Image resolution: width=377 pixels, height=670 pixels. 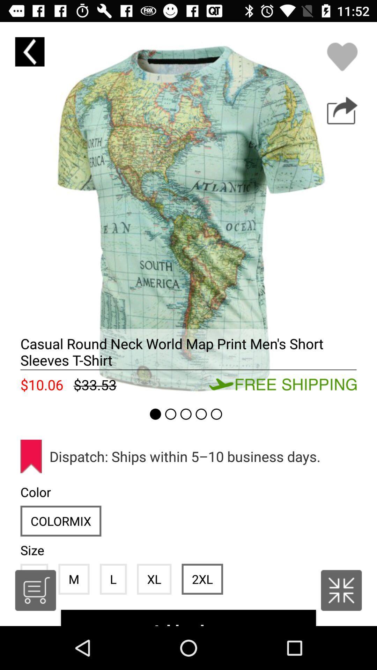 What do you see at coordinates (35, 590) in the screenshot?
I see `item next to m icon` at bounding box center [35, 590].